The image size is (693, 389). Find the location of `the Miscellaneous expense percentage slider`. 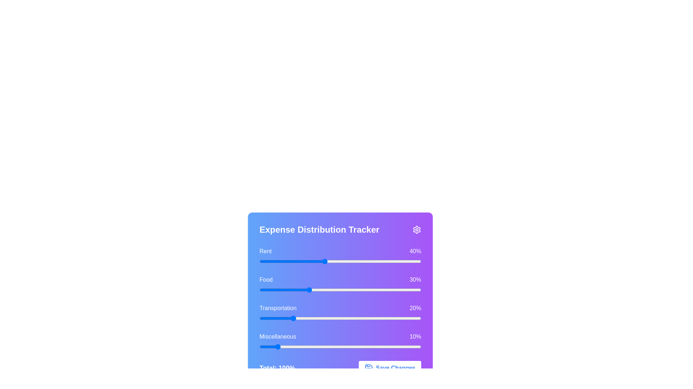

the Miscellaneous expense percentage slider is located at coordinates (322, 346).